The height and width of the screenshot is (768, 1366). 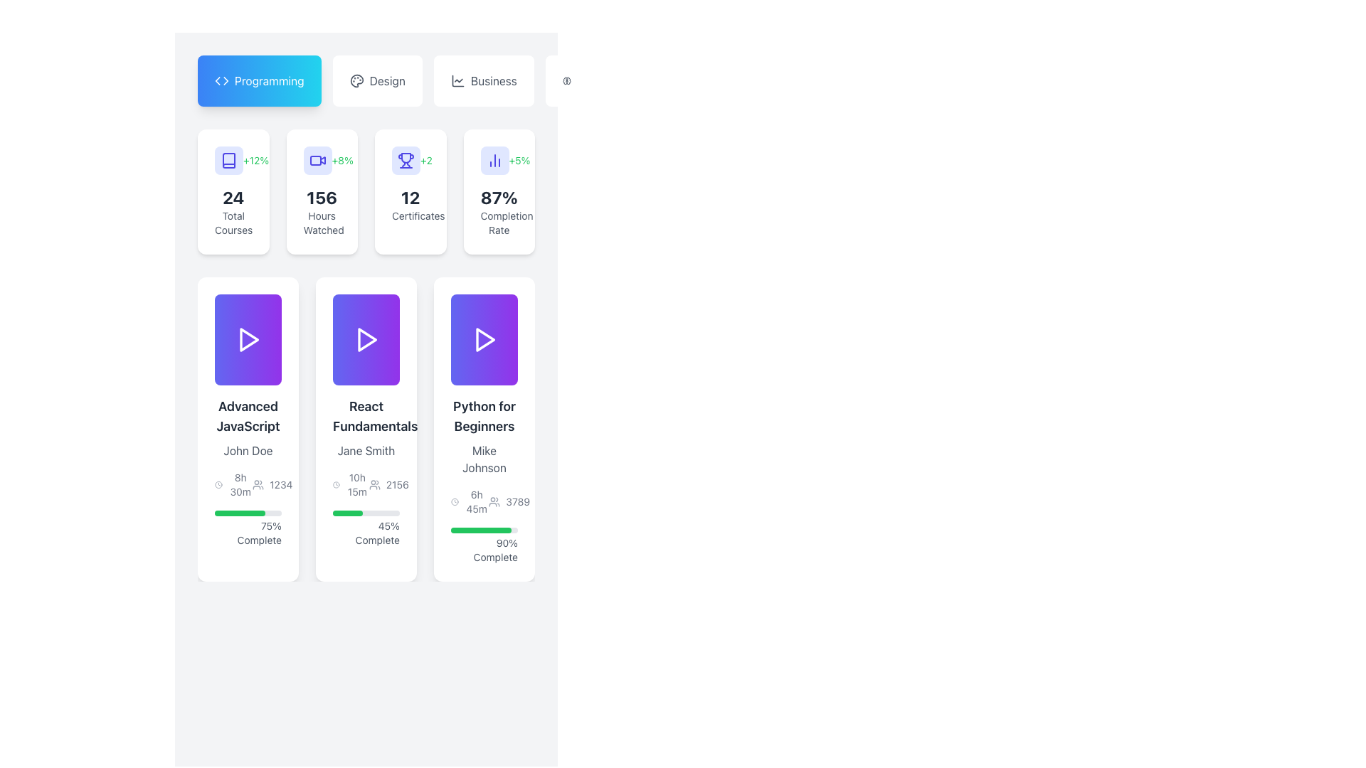 What do you see at coordinates (351, 484) in the screenshot?
I see `displayed duration from the label with a clock icon and the text '10h 15m', located in the second card from the left, above a green progress bar` at bounding box center [351, 484].